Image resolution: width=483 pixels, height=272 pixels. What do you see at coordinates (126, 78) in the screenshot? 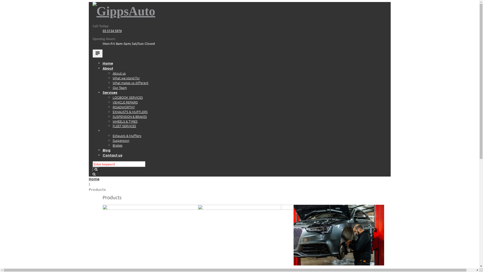
I see `'What we stand for'` at bounding box center [126, 78].